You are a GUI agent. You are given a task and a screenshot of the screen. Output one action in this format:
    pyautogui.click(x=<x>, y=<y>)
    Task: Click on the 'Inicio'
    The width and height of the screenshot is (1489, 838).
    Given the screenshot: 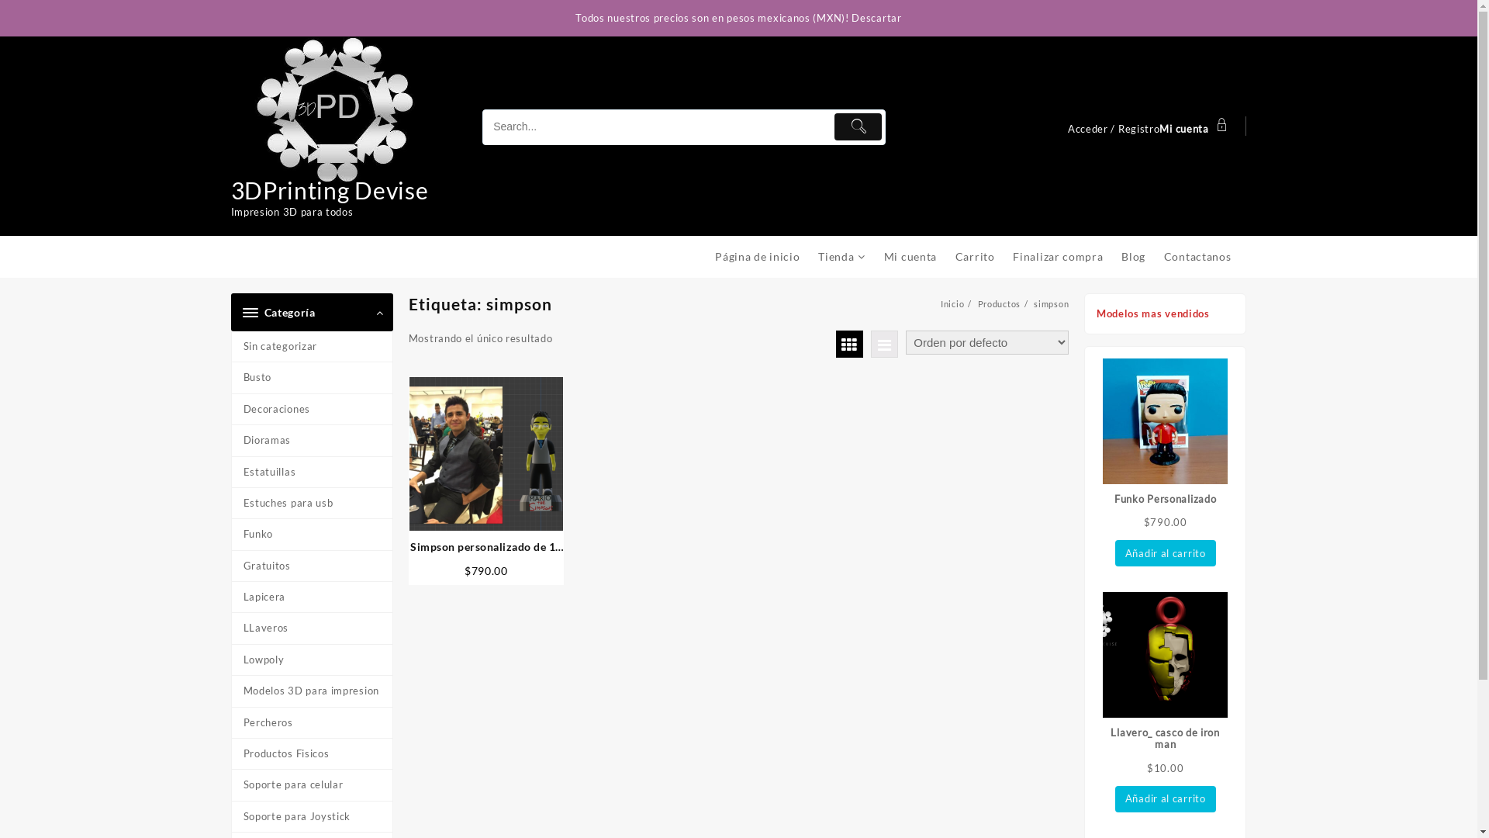 What is the action you would take?
    pyautogui.click(x=952, y=303)
    